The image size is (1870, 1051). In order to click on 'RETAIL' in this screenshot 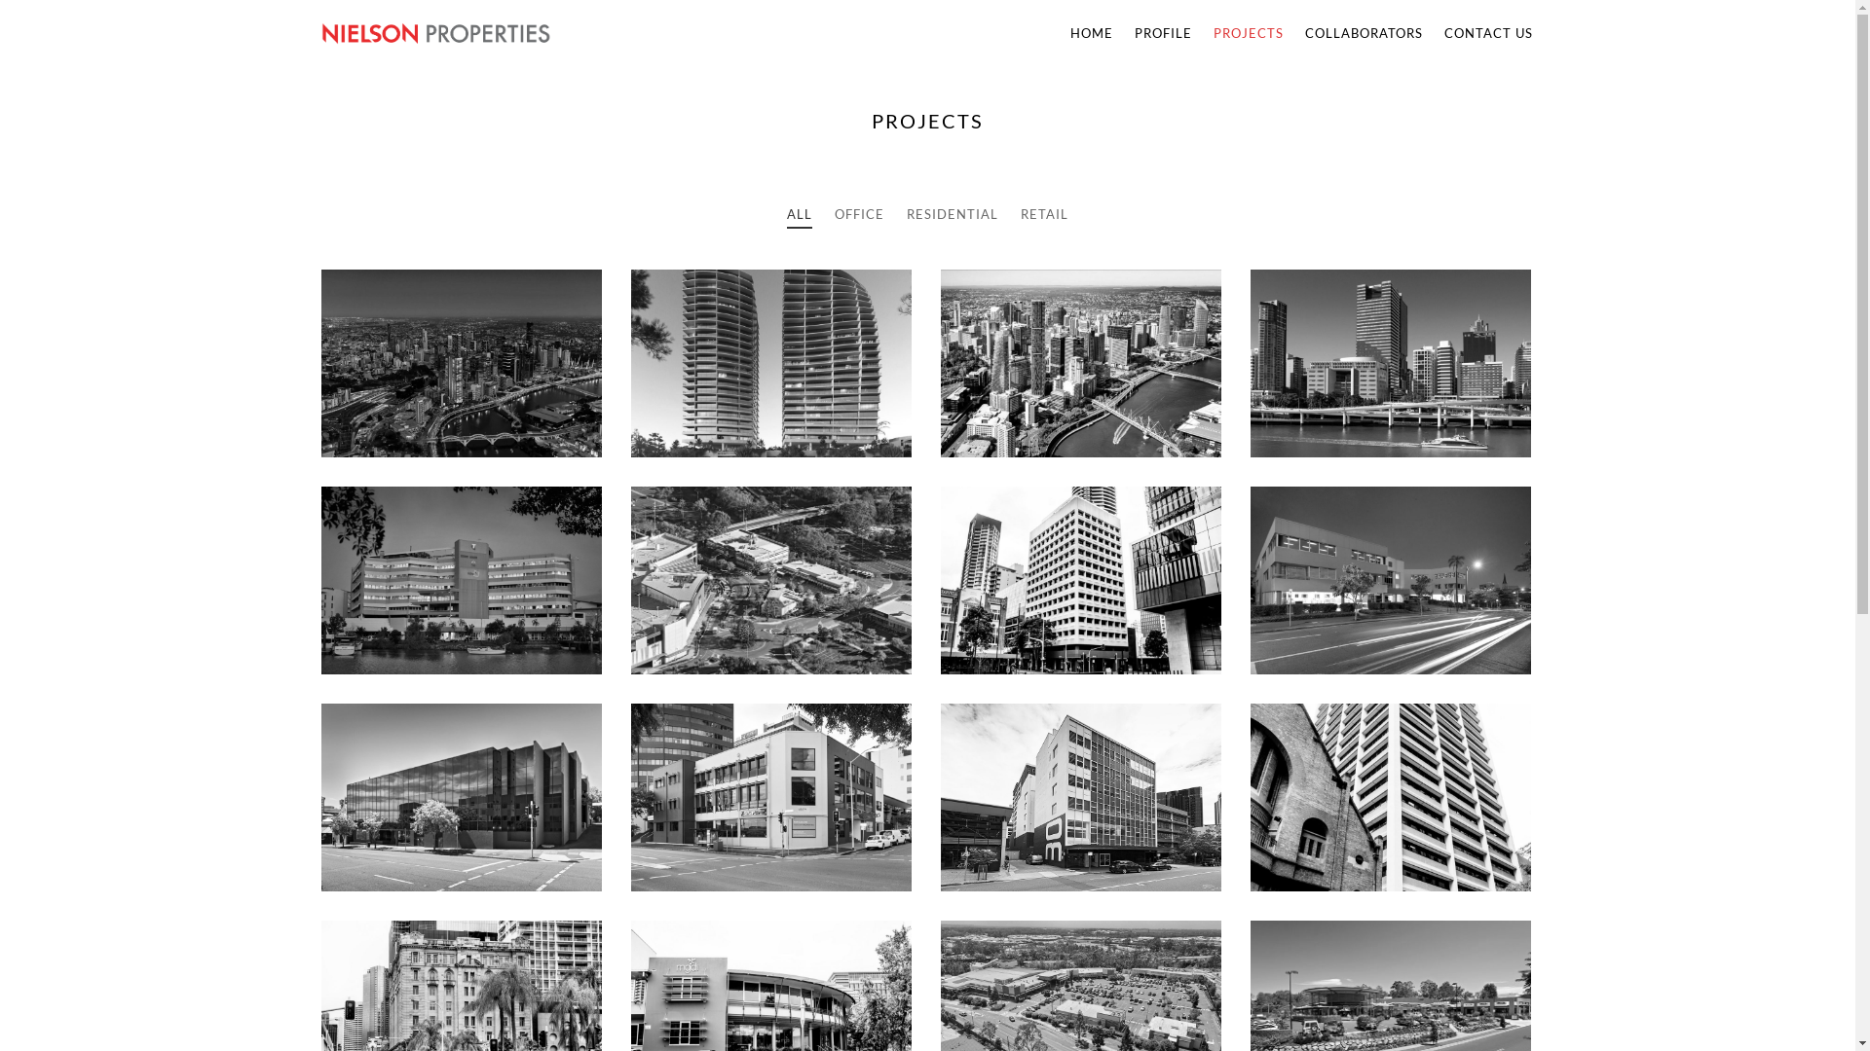, I will do `click(1043, 213)`.